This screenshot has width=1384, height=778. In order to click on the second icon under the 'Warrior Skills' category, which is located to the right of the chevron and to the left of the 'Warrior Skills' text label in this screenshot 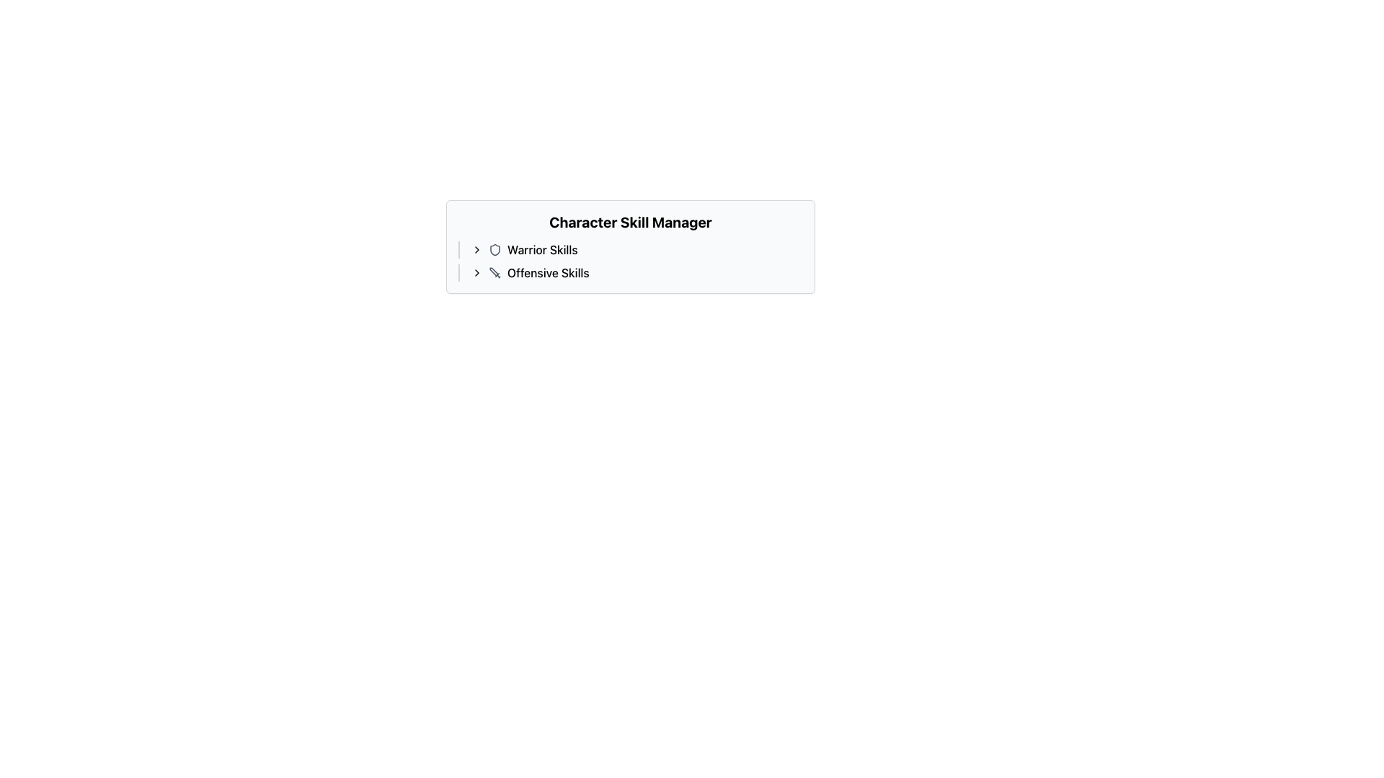, I will do `click(494, 249)`.